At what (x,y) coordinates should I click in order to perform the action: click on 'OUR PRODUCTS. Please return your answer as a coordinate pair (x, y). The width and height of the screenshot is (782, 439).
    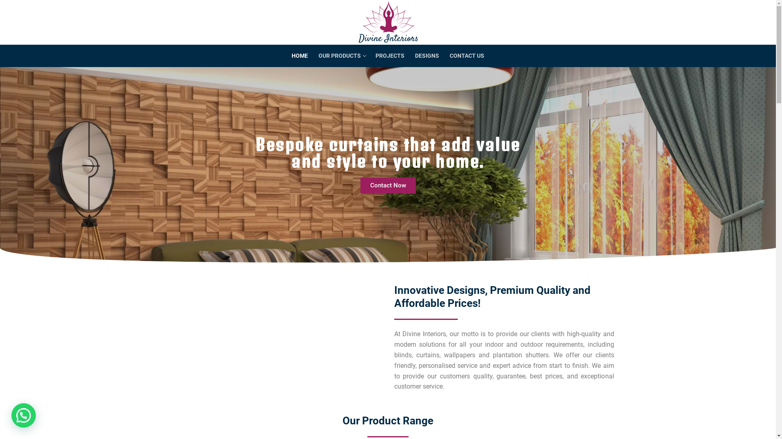
    Looking at the image, I should click on (342, 56).